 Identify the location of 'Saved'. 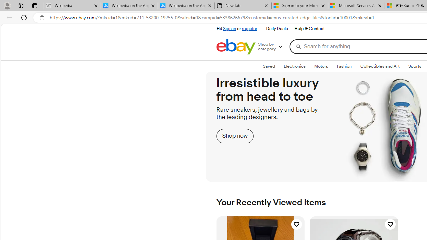
(269, 66).